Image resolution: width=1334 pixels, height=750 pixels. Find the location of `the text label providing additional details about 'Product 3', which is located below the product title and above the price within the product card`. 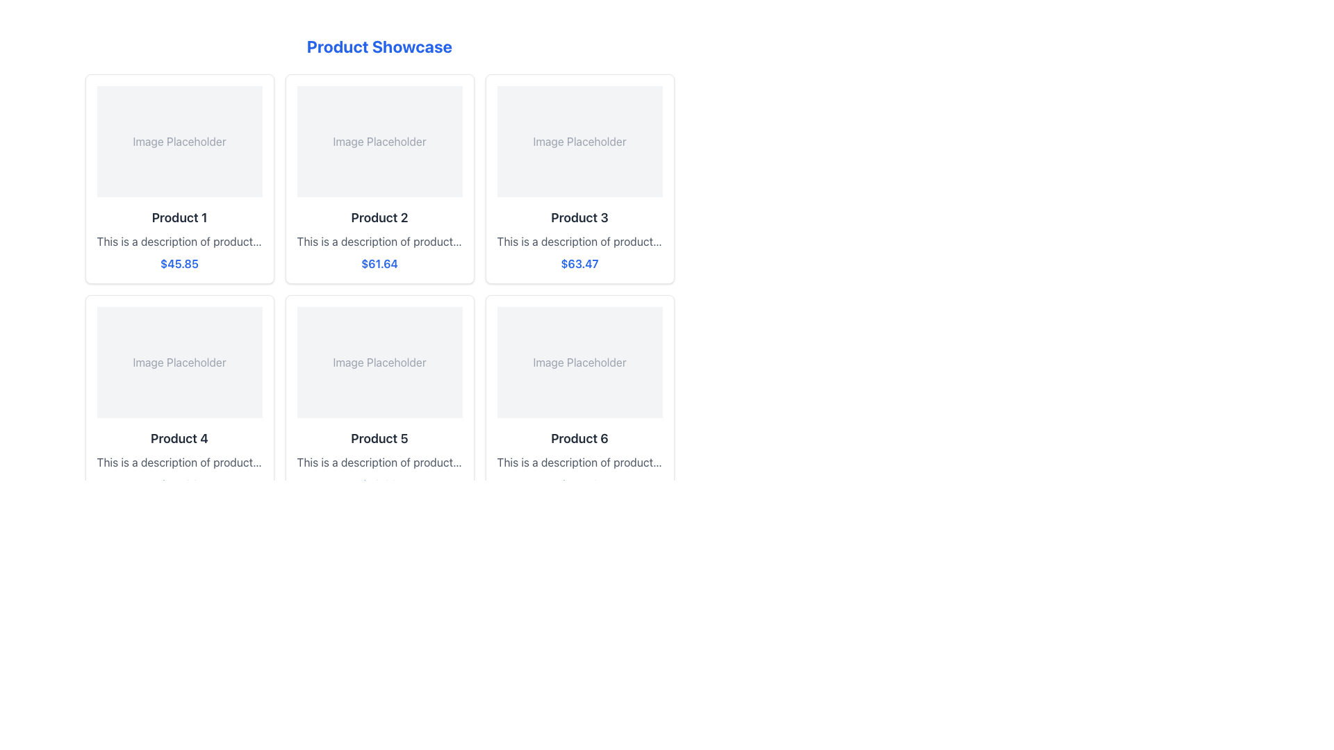

the text label providing additional details about 'Product 3', which is located below the product title and above the price within the product card is located at coordinates (579, 240).